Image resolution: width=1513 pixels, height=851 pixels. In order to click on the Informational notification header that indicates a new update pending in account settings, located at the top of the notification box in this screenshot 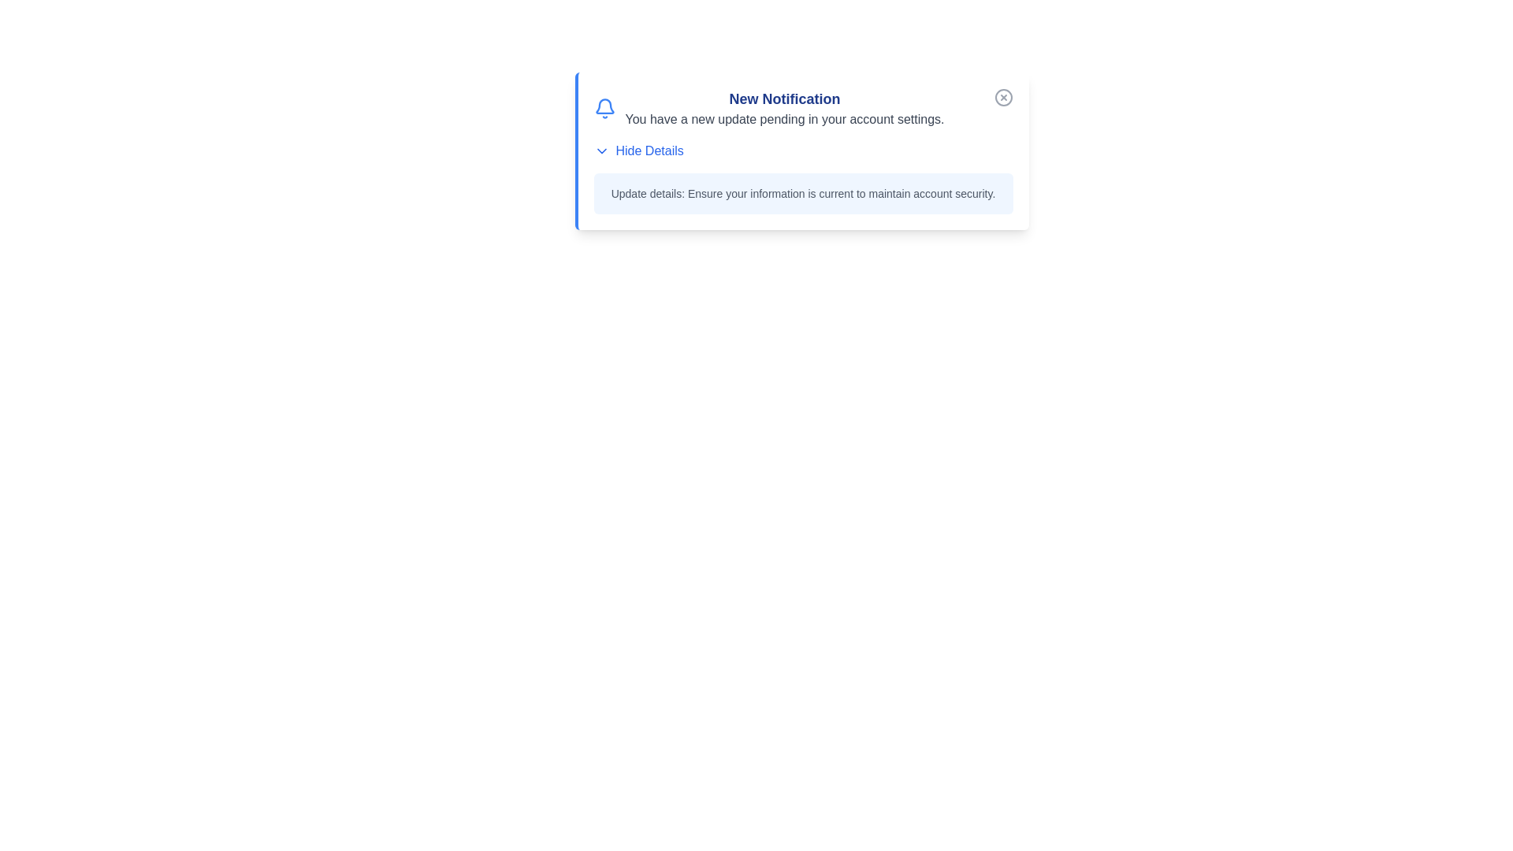, I will do `click(803, 108)`.